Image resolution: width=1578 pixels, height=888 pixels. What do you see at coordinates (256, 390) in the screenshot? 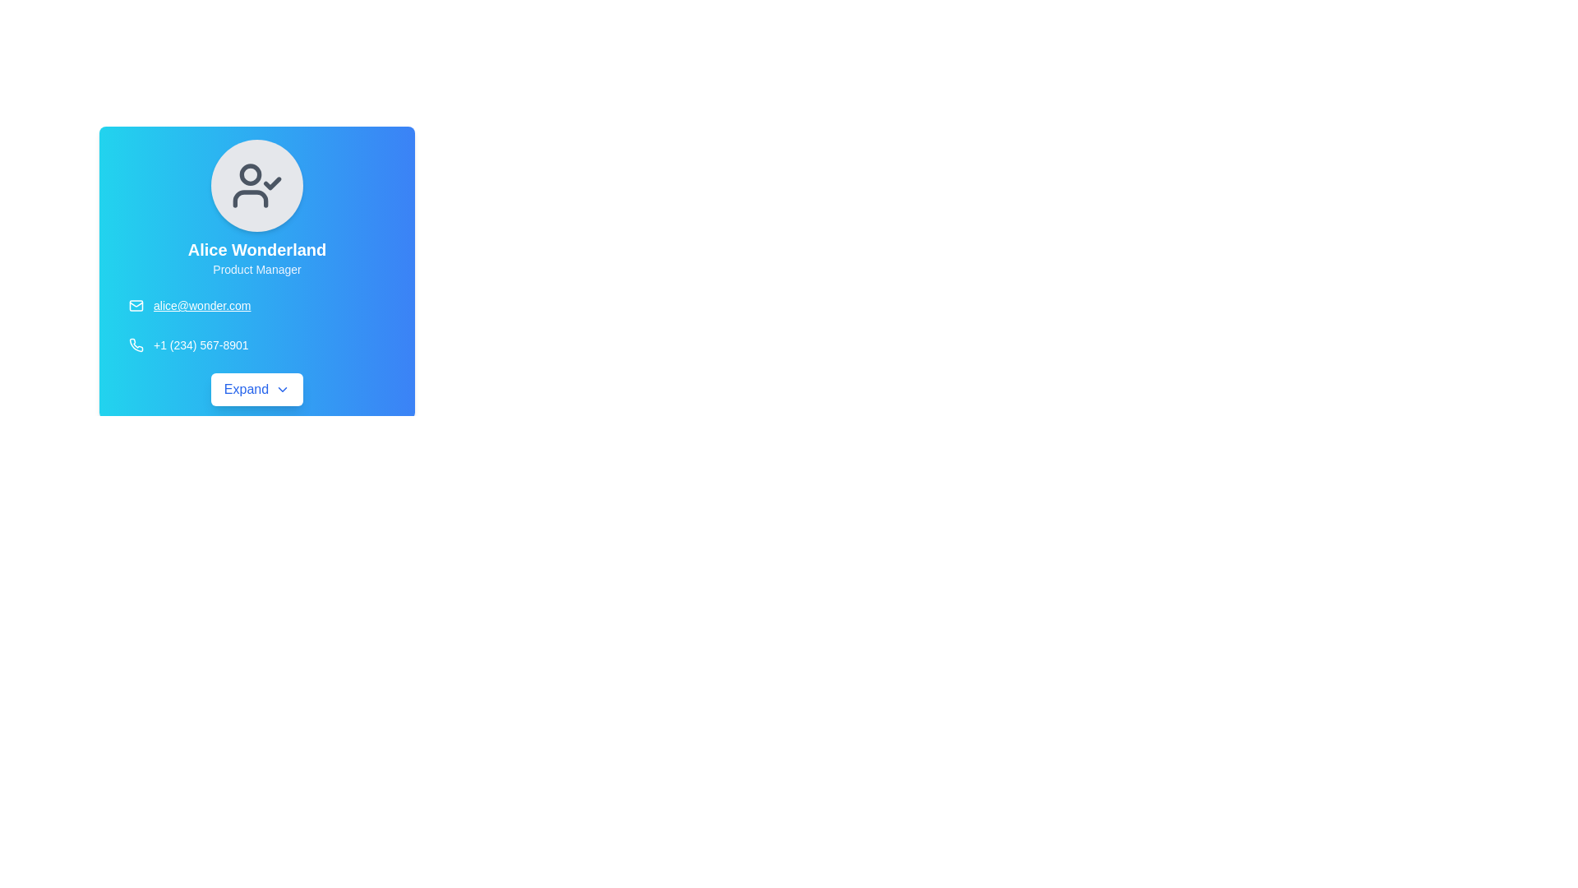
I see `the button located at the lower section of the user information card, which is the only interactive element in that area, to potentially reveal additional content or options` at bounding box center [256, 390].